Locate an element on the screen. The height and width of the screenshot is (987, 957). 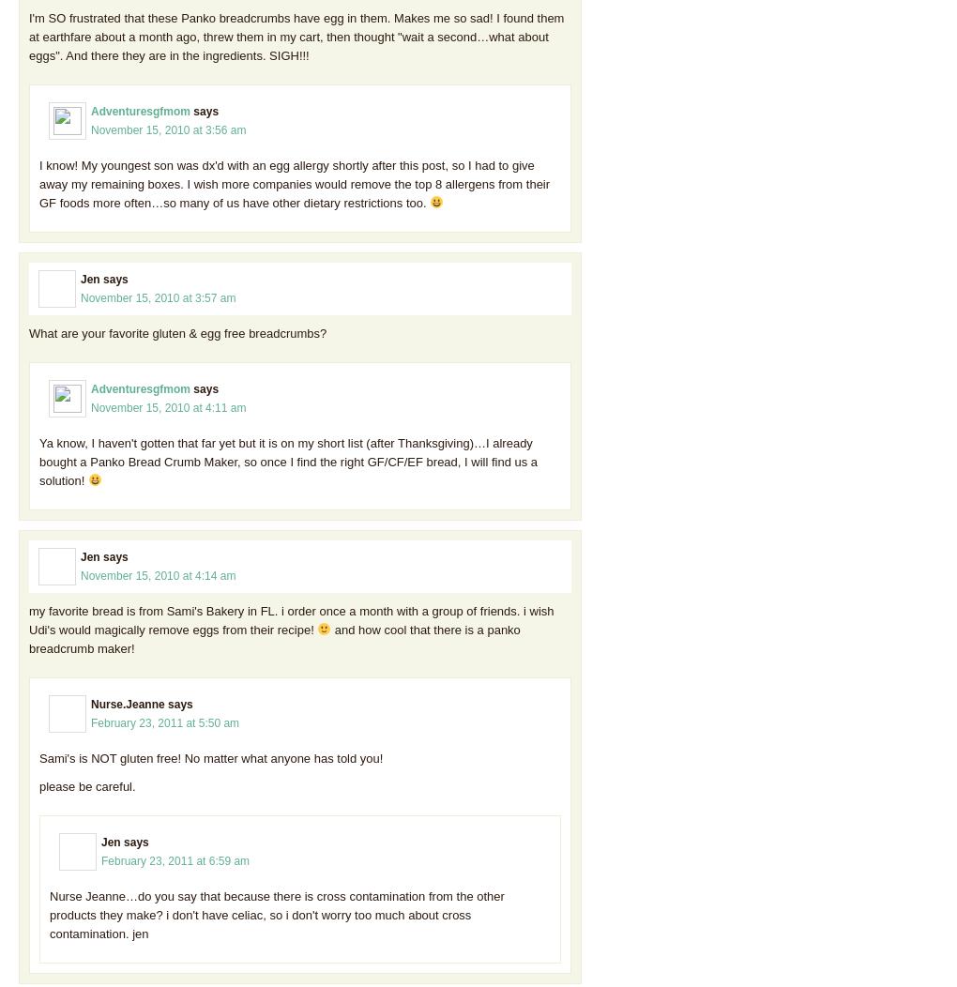
'Sami's is NOT gluten free!  No matter what anyone has told you!' is located at coordinates (211, 757).